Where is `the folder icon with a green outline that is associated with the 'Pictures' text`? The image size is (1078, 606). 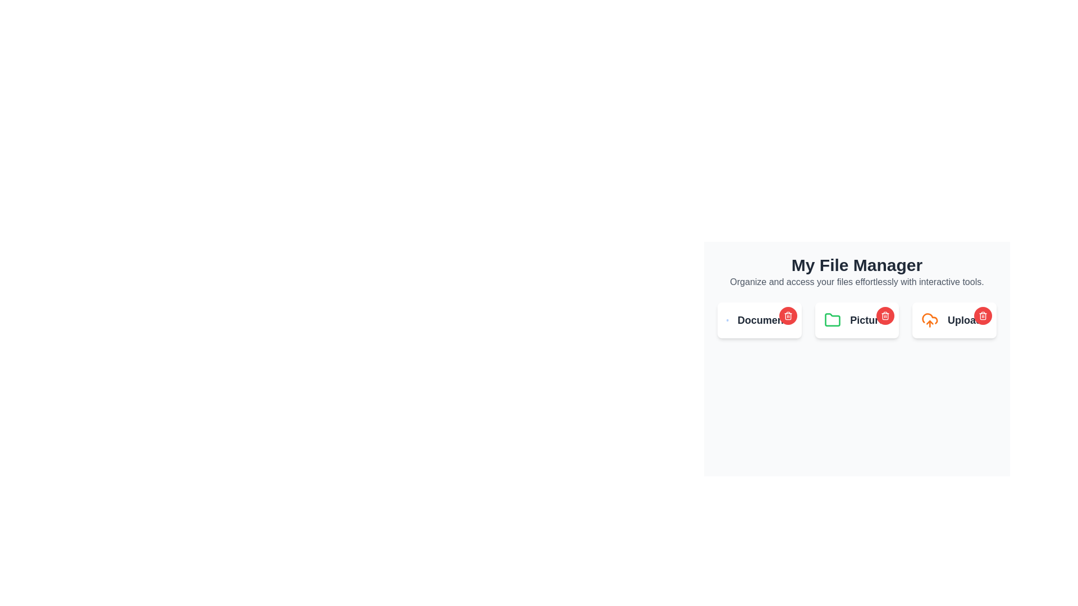
the folder icon with a green outline that is associated with the 'Pictures' text is located at coordinates (833, 320).